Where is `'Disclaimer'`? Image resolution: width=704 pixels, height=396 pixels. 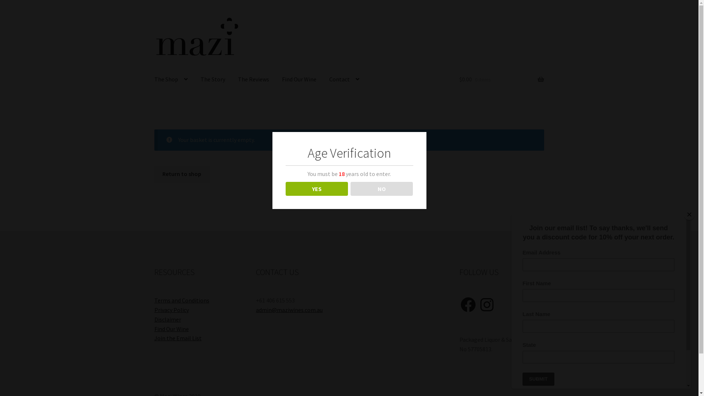
'Disclaimer' is located at coordinates (167, 319).